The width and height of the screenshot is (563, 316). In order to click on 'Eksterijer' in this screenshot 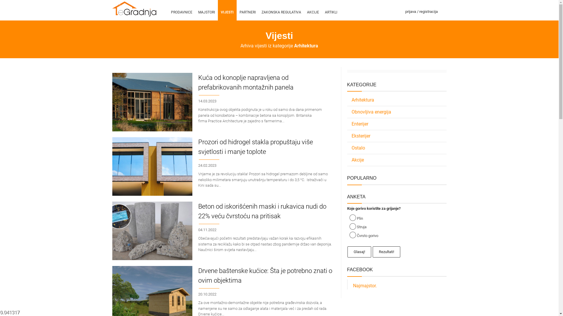, I will do `click(397, 136)`.